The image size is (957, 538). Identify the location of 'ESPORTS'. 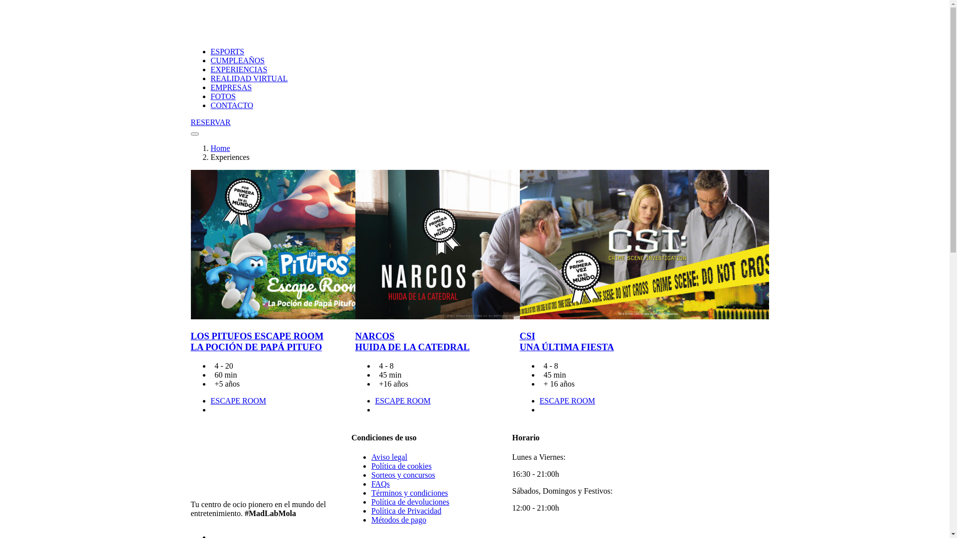
(227, 51).